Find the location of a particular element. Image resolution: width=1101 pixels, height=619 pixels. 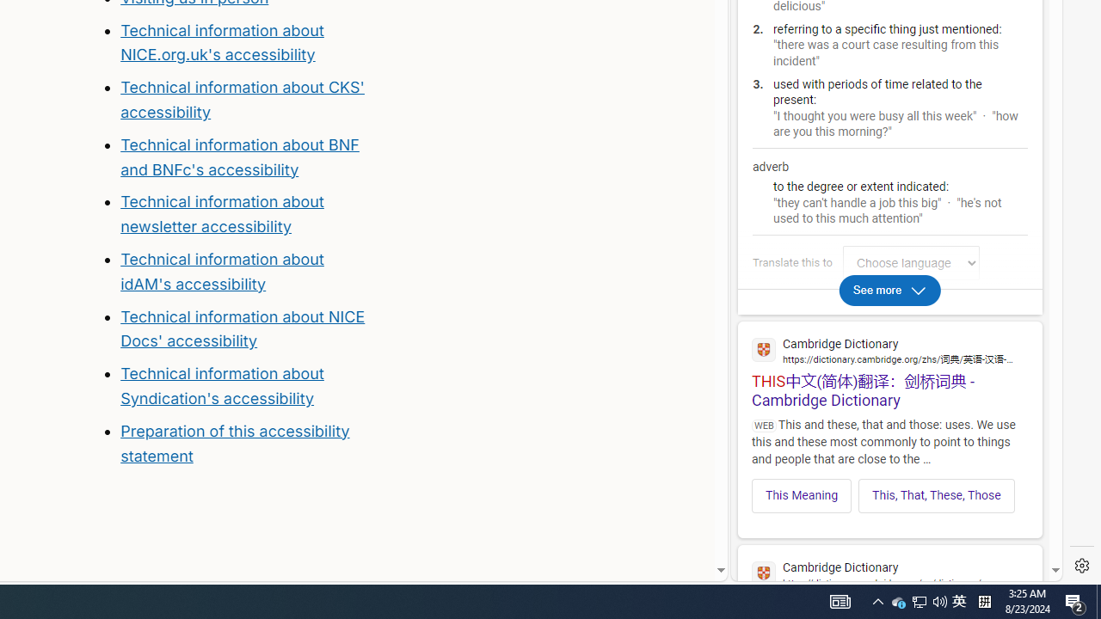

'This Meaning' is located at coordinates (801, 495).